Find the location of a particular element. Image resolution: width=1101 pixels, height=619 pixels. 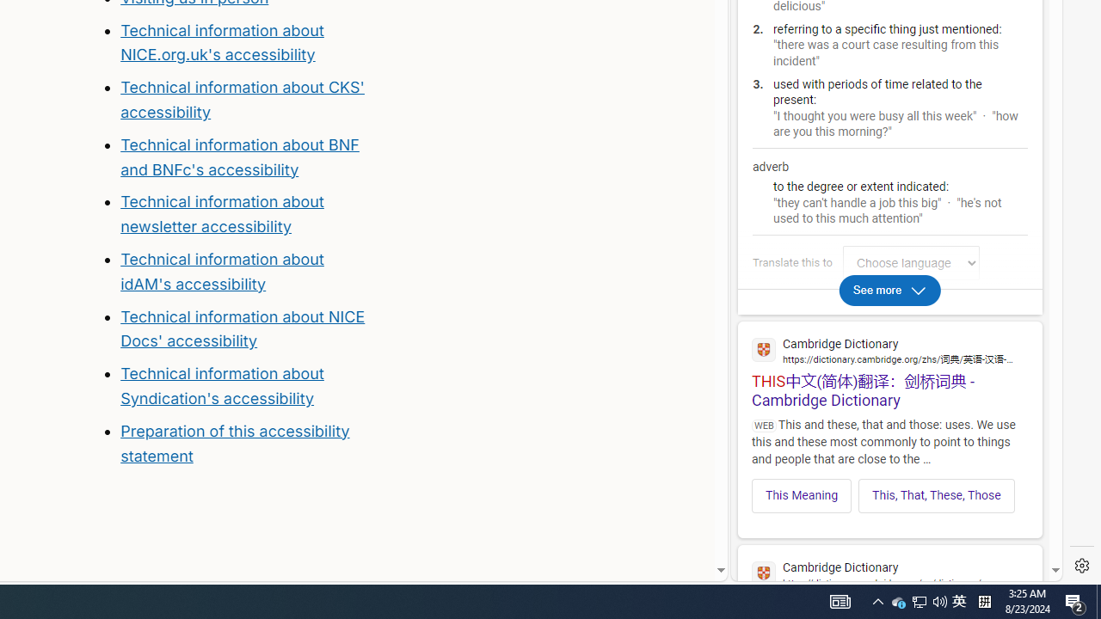

'This Meaning' is located at coordinates (801, 495).